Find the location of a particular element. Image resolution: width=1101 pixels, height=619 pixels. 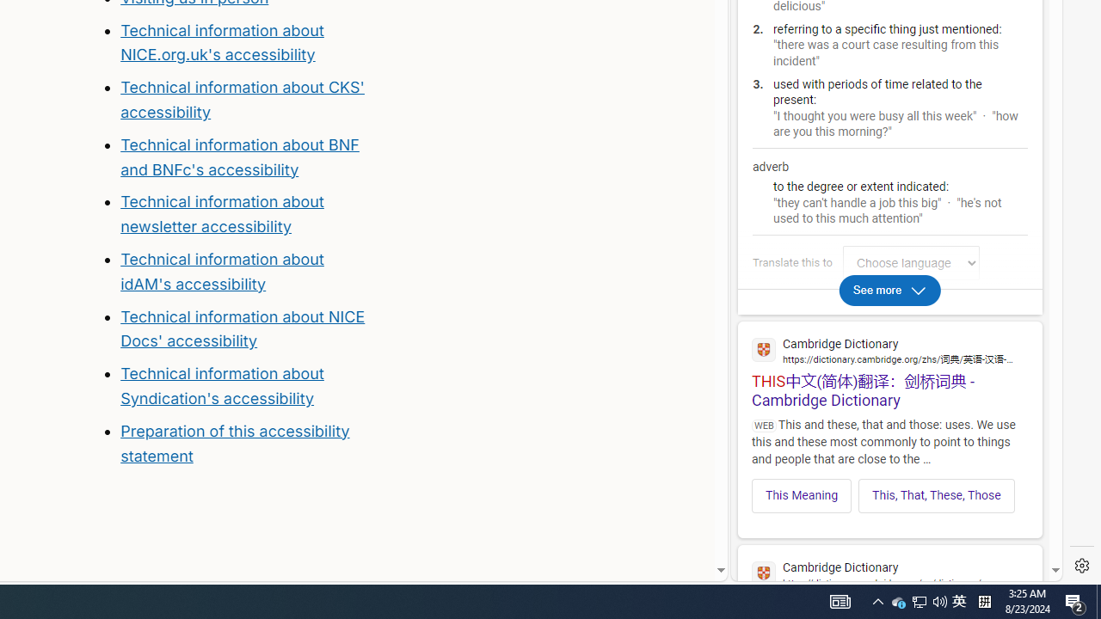

'This Meaning' is located at coordinates (801, 495).